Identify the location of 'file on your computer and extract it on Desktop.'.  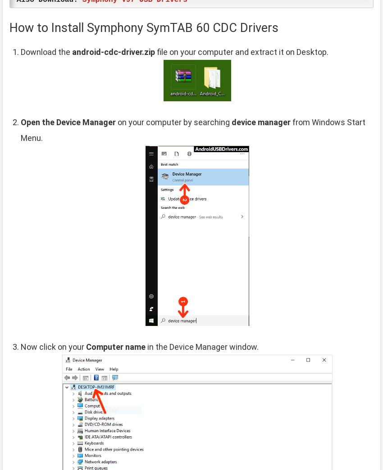
(241, 51).